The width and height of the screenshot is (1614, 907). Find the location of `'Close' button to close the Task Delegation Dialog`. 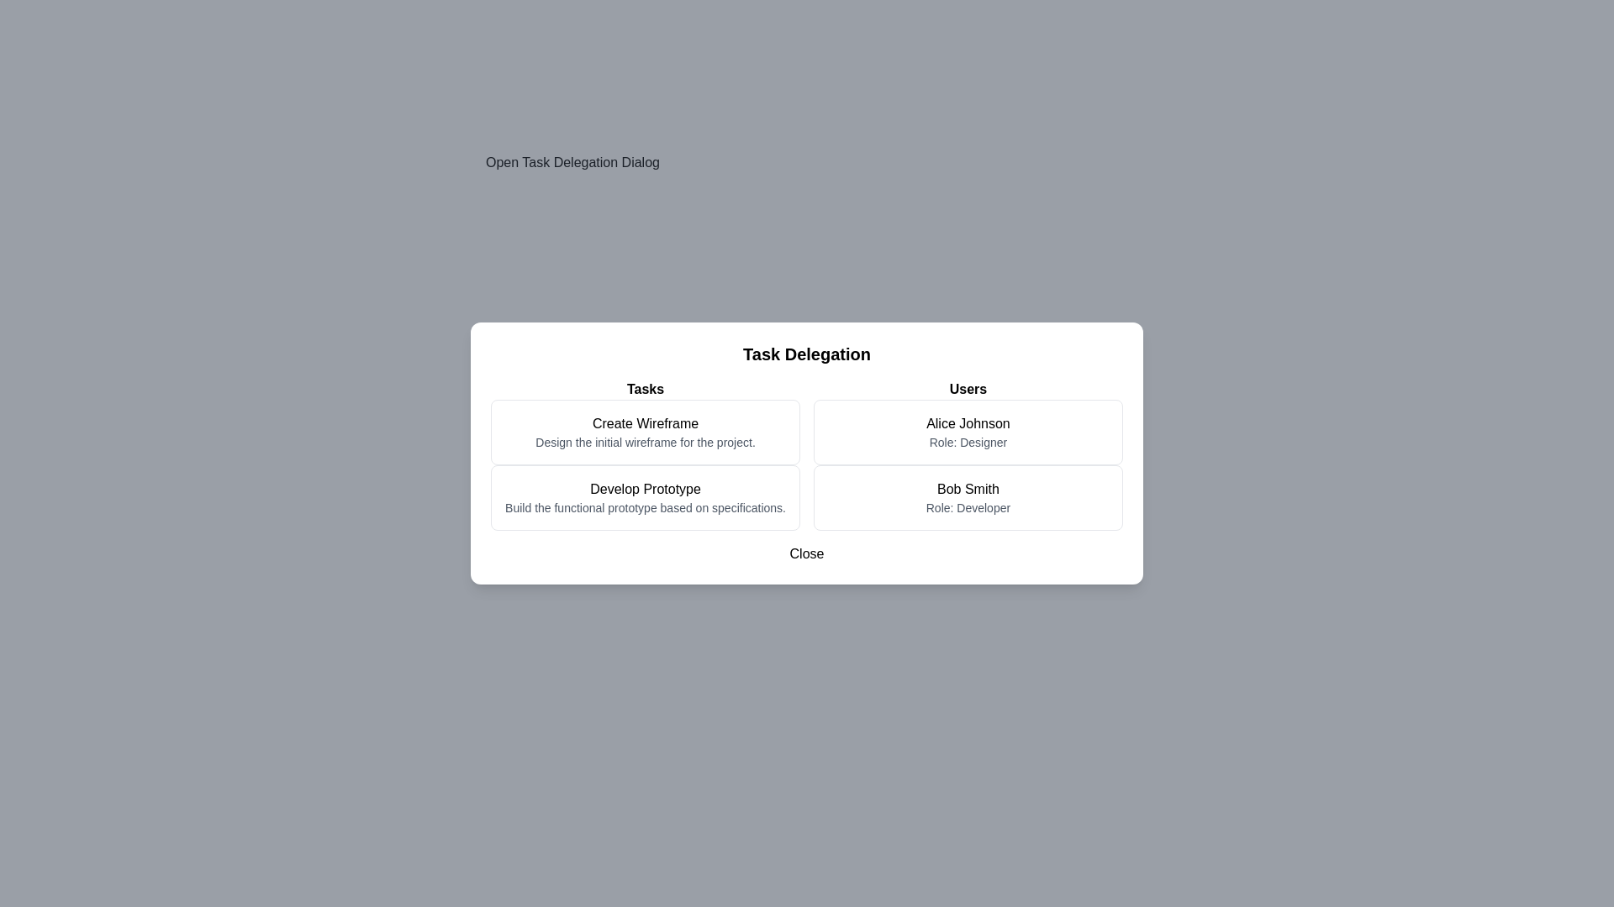

'Close' button to close the Task Delegation Dialog is located at coordinates (807, 553).